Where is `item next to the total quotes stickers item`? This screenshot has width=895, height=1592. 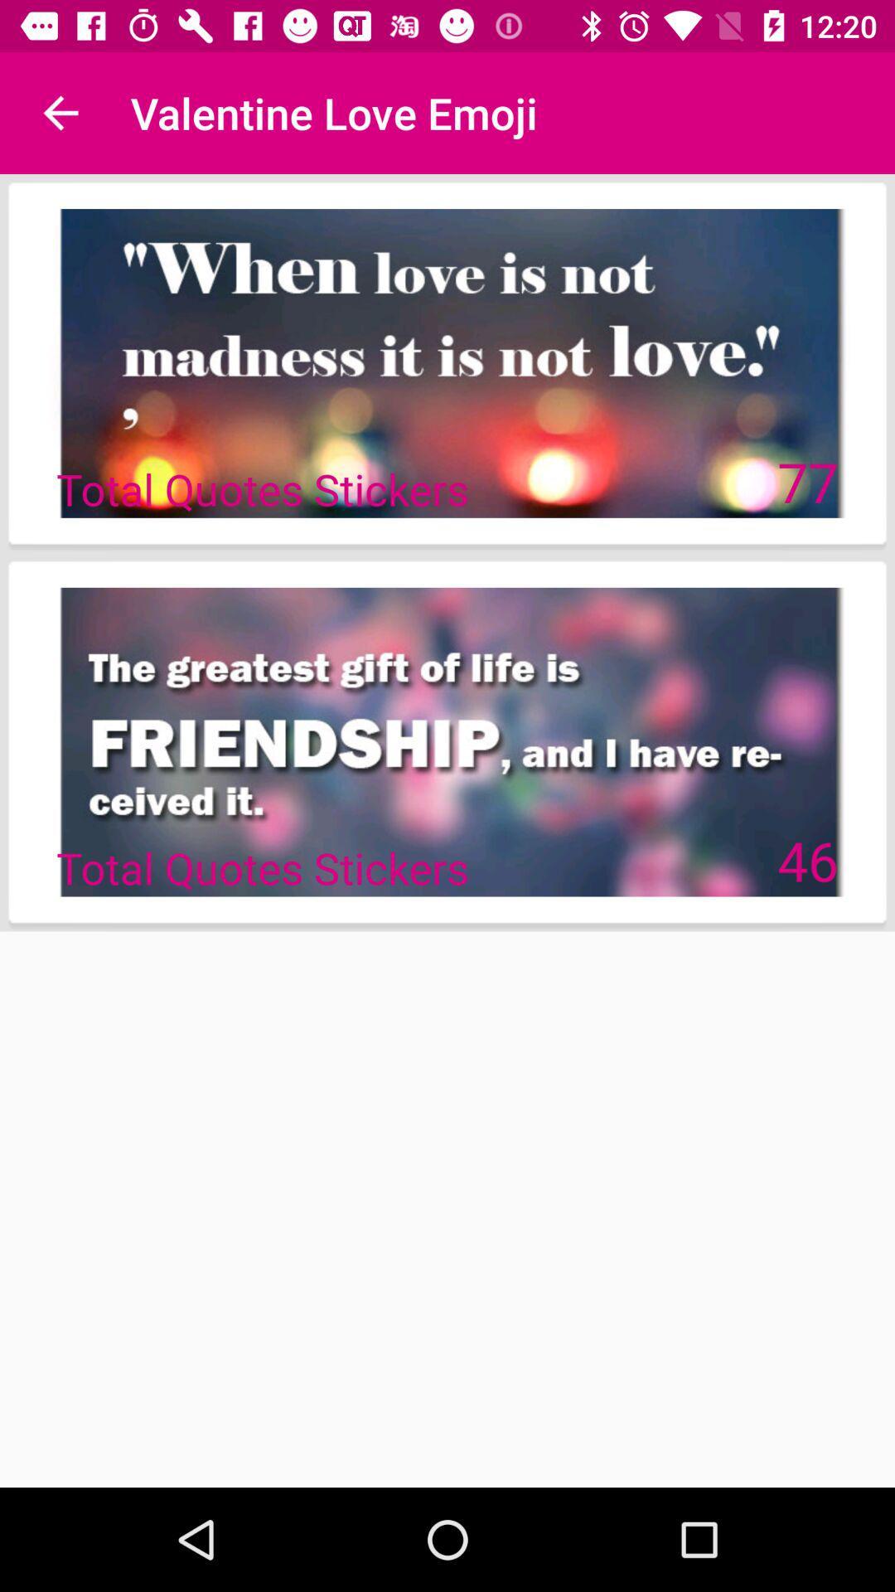 item next to the total quotes stickers item is located at coordinates (807, 860).